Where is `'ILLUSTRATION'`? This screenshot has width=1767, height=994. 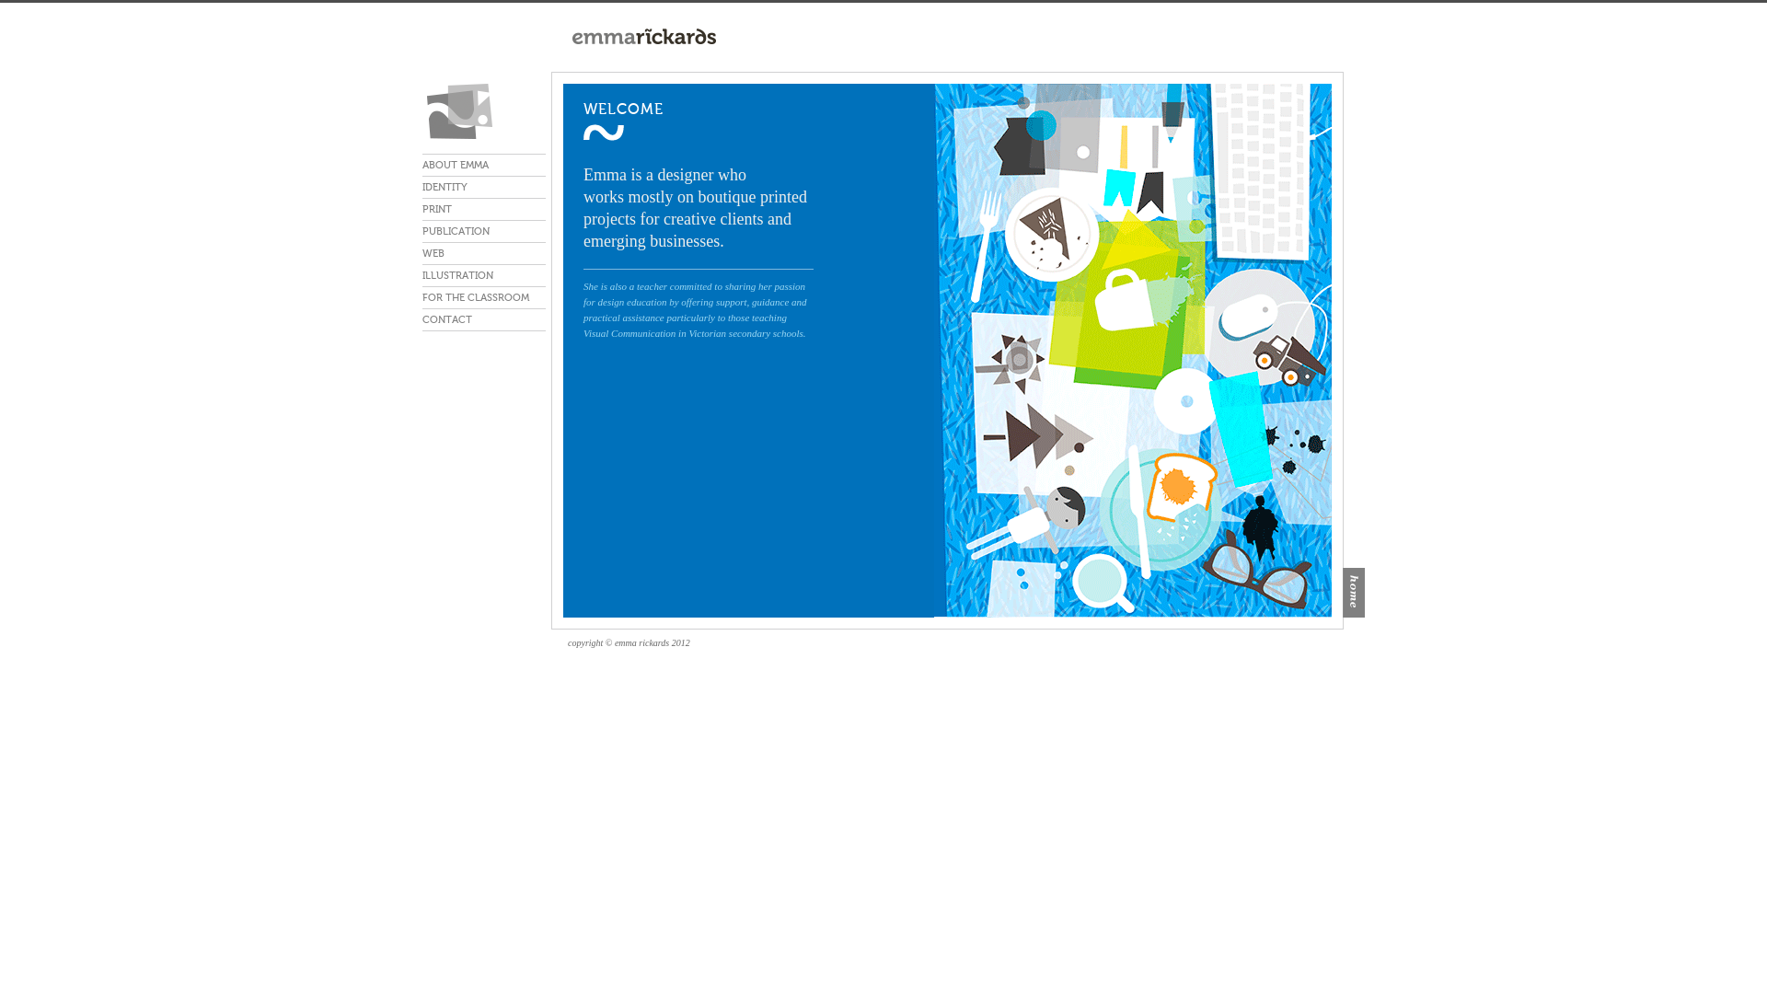 'ILLUSTRATION' is located at coordinates (484, 275).